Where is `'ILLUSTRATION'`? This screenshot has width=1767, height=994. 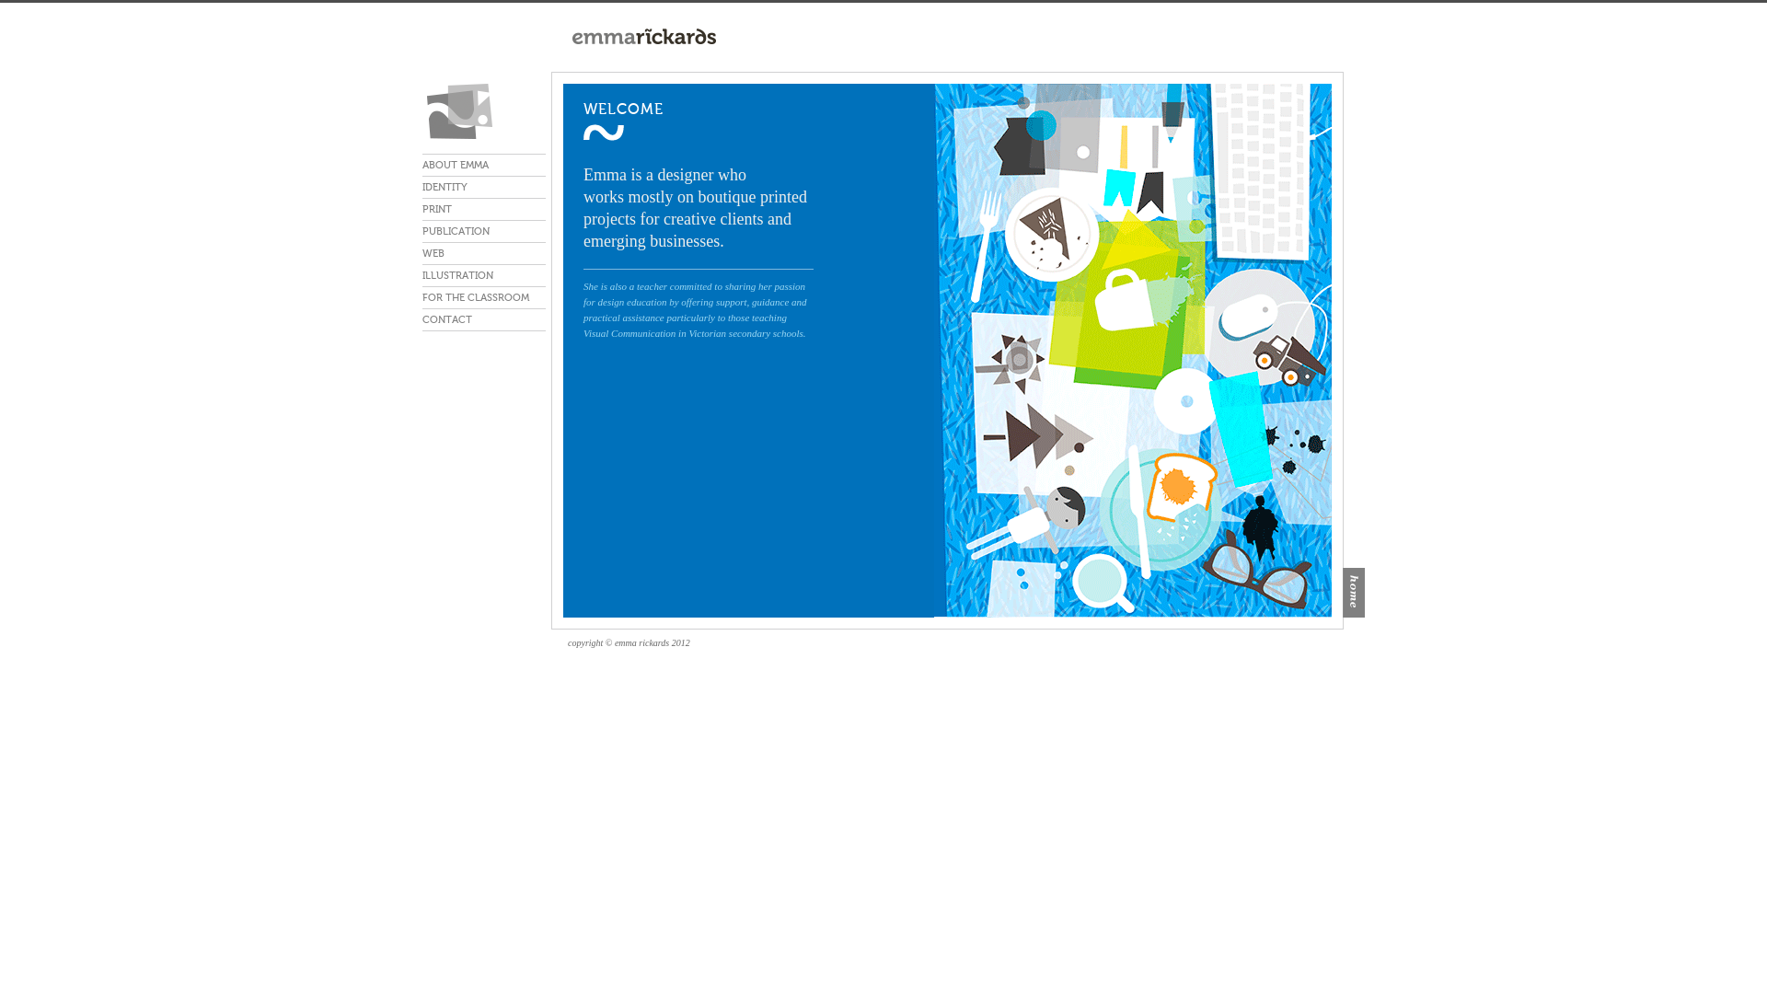 'ILLUSTRATION' is located at coordinates (484, 275).